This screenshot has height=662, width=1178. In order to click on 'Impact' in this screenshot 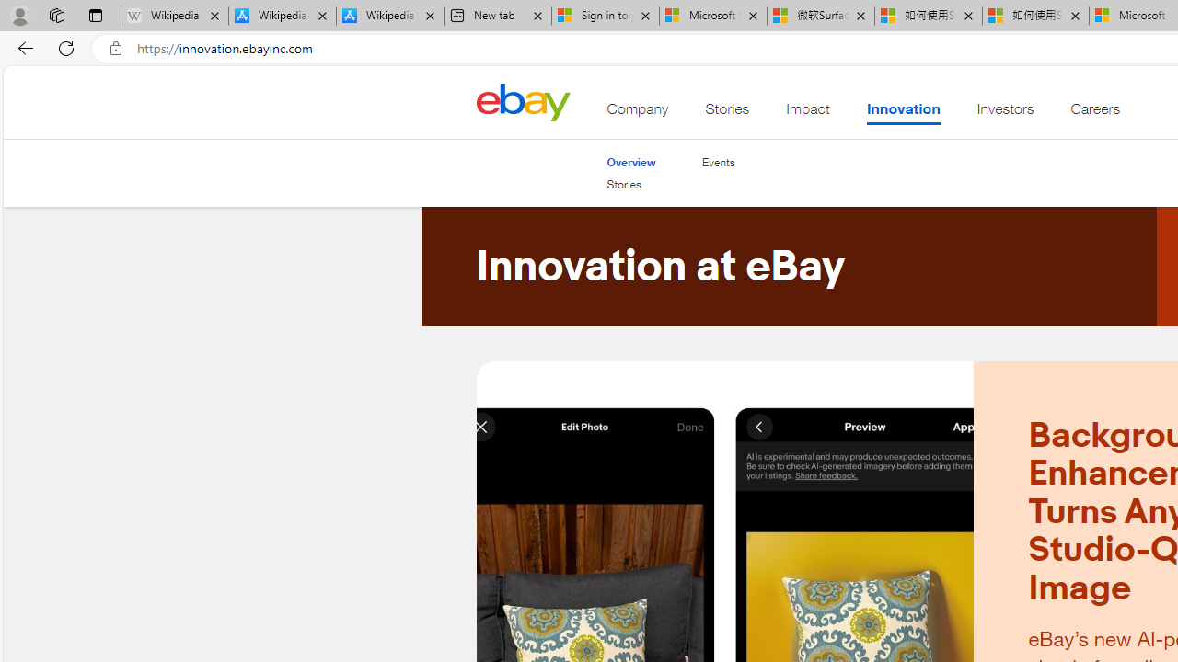, I will do `click(808, 113)`.